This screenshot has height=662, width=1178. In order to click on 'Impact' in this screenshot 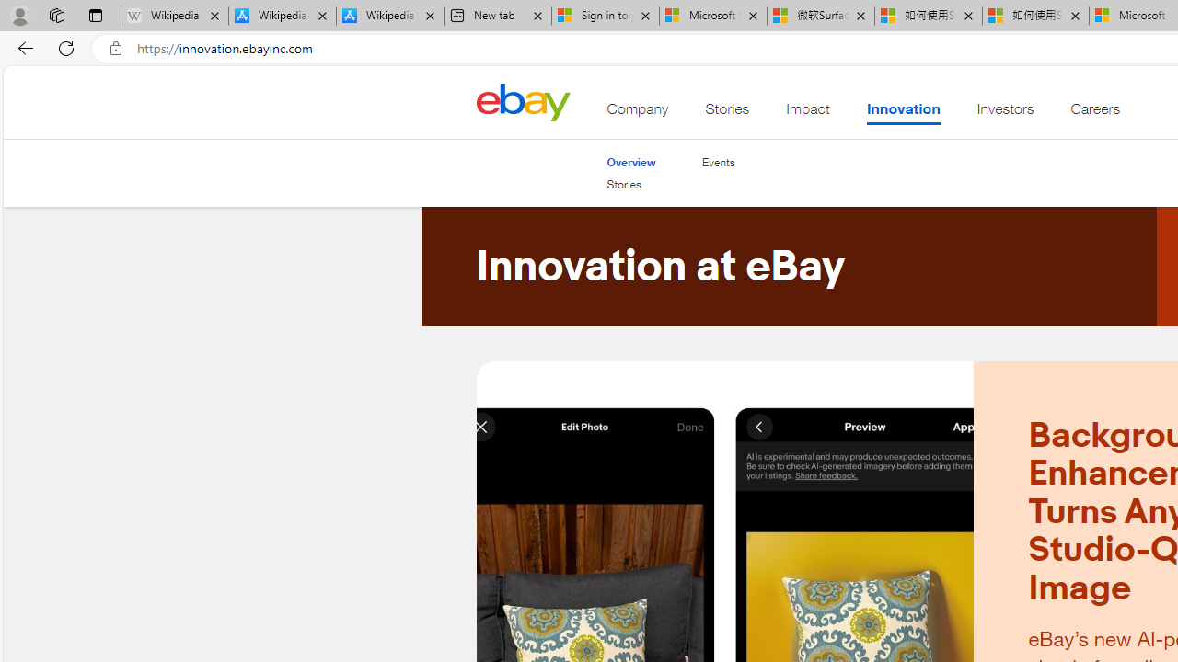, I will do `click(808, 113)`.